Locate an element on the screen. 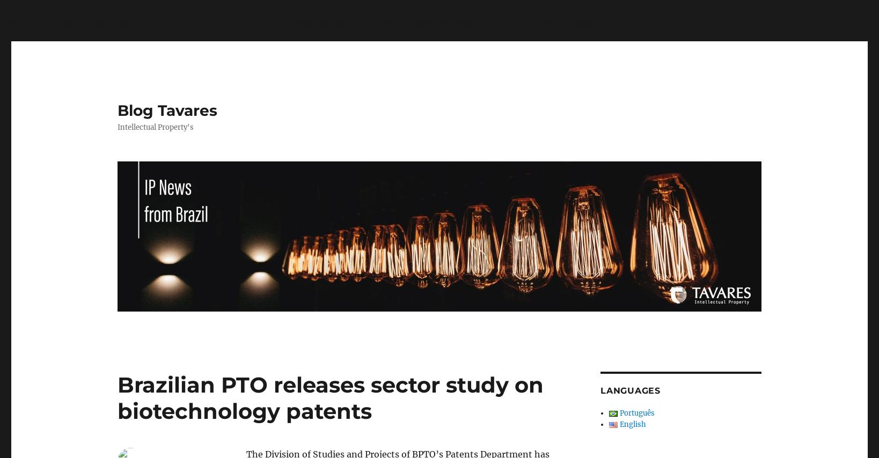 Image resolution: width=879 pixels, height=458 pixels. 'Português' is located at coordinates (636, 413).